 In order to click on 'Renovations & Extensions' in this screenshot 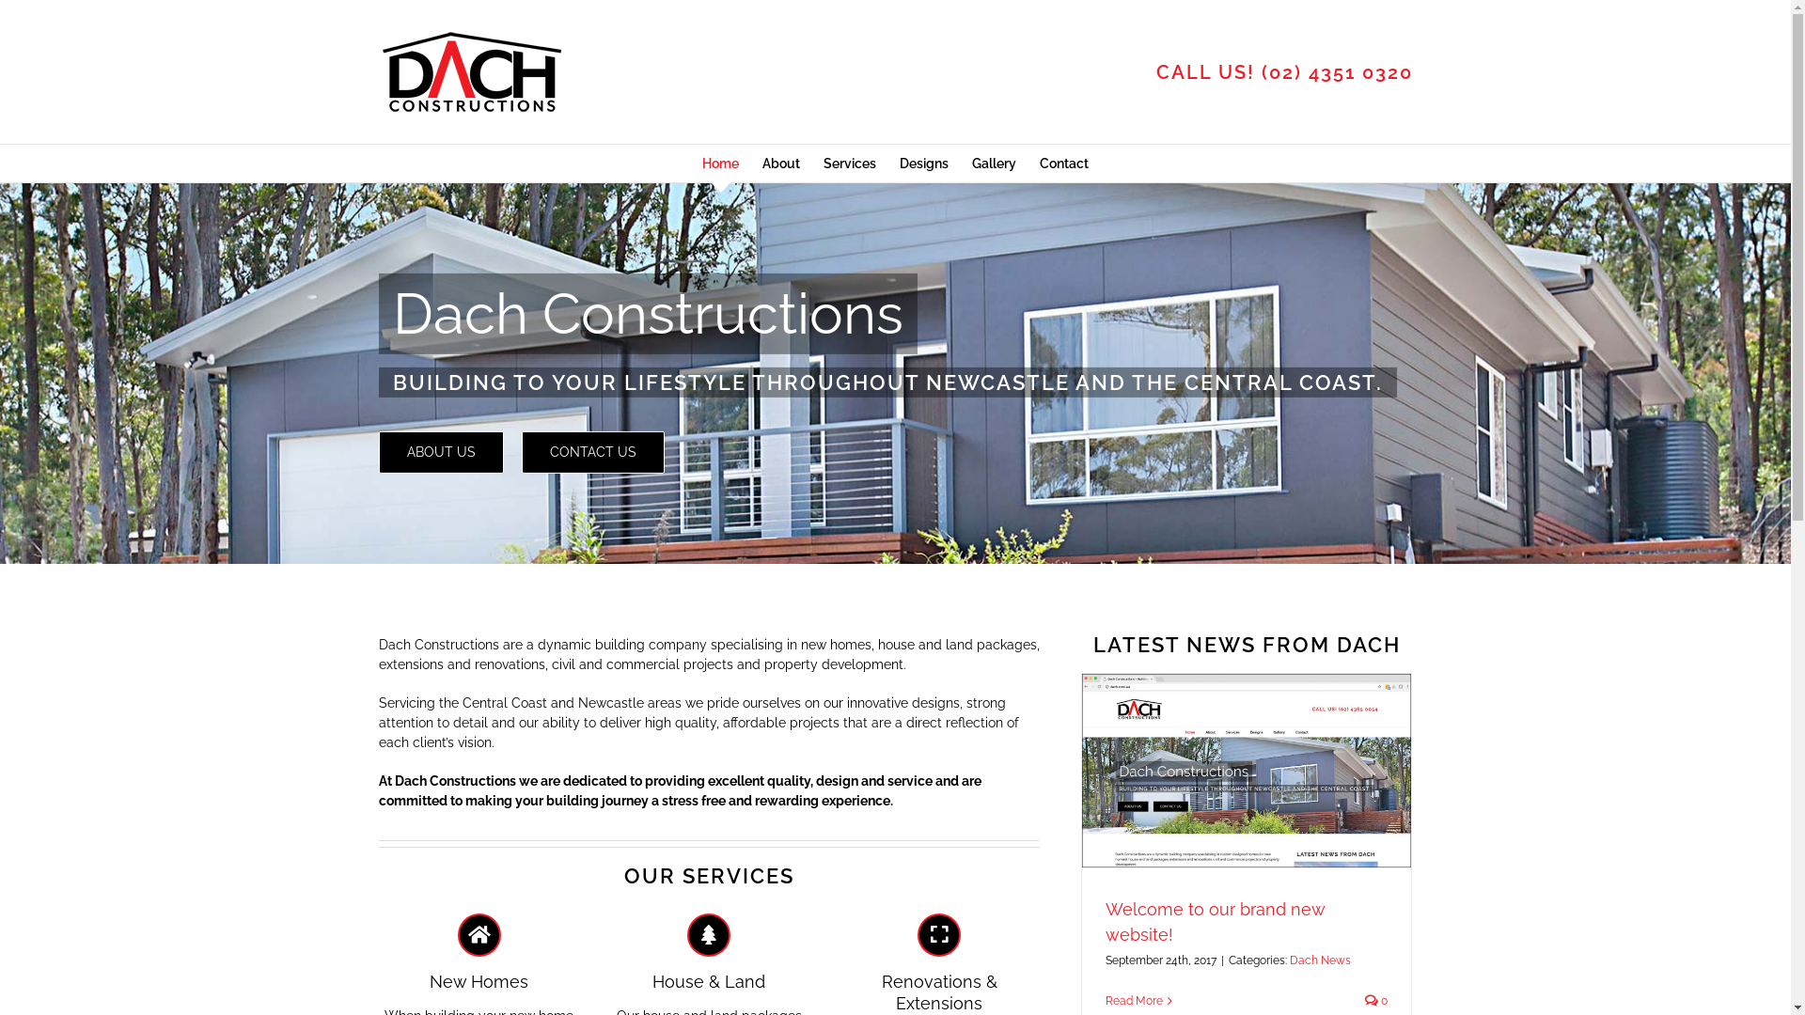, I will do `click(939, 963)`.